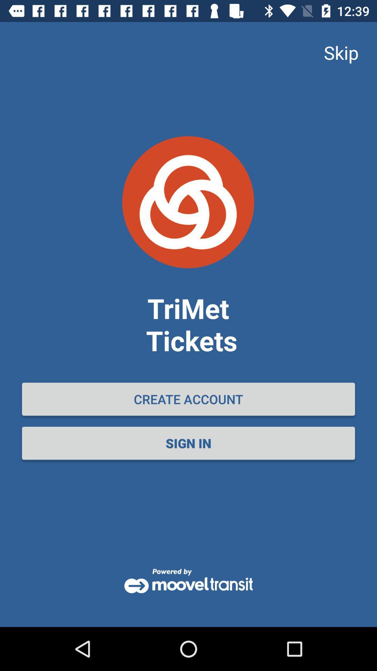 The width and height of the screenshot is (377, 671). What do you see at coordinates (188, 443) in the screenshot?
I see `the sign in` at bounding box center [188, 443].